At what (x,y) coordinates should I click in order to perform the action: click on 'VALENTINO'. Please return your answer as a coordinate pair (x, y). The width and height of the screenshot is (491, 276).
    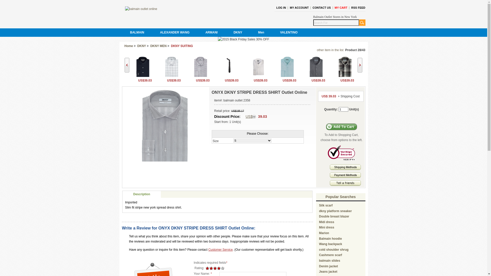
    Looking at the image, I should click on (288, 32).